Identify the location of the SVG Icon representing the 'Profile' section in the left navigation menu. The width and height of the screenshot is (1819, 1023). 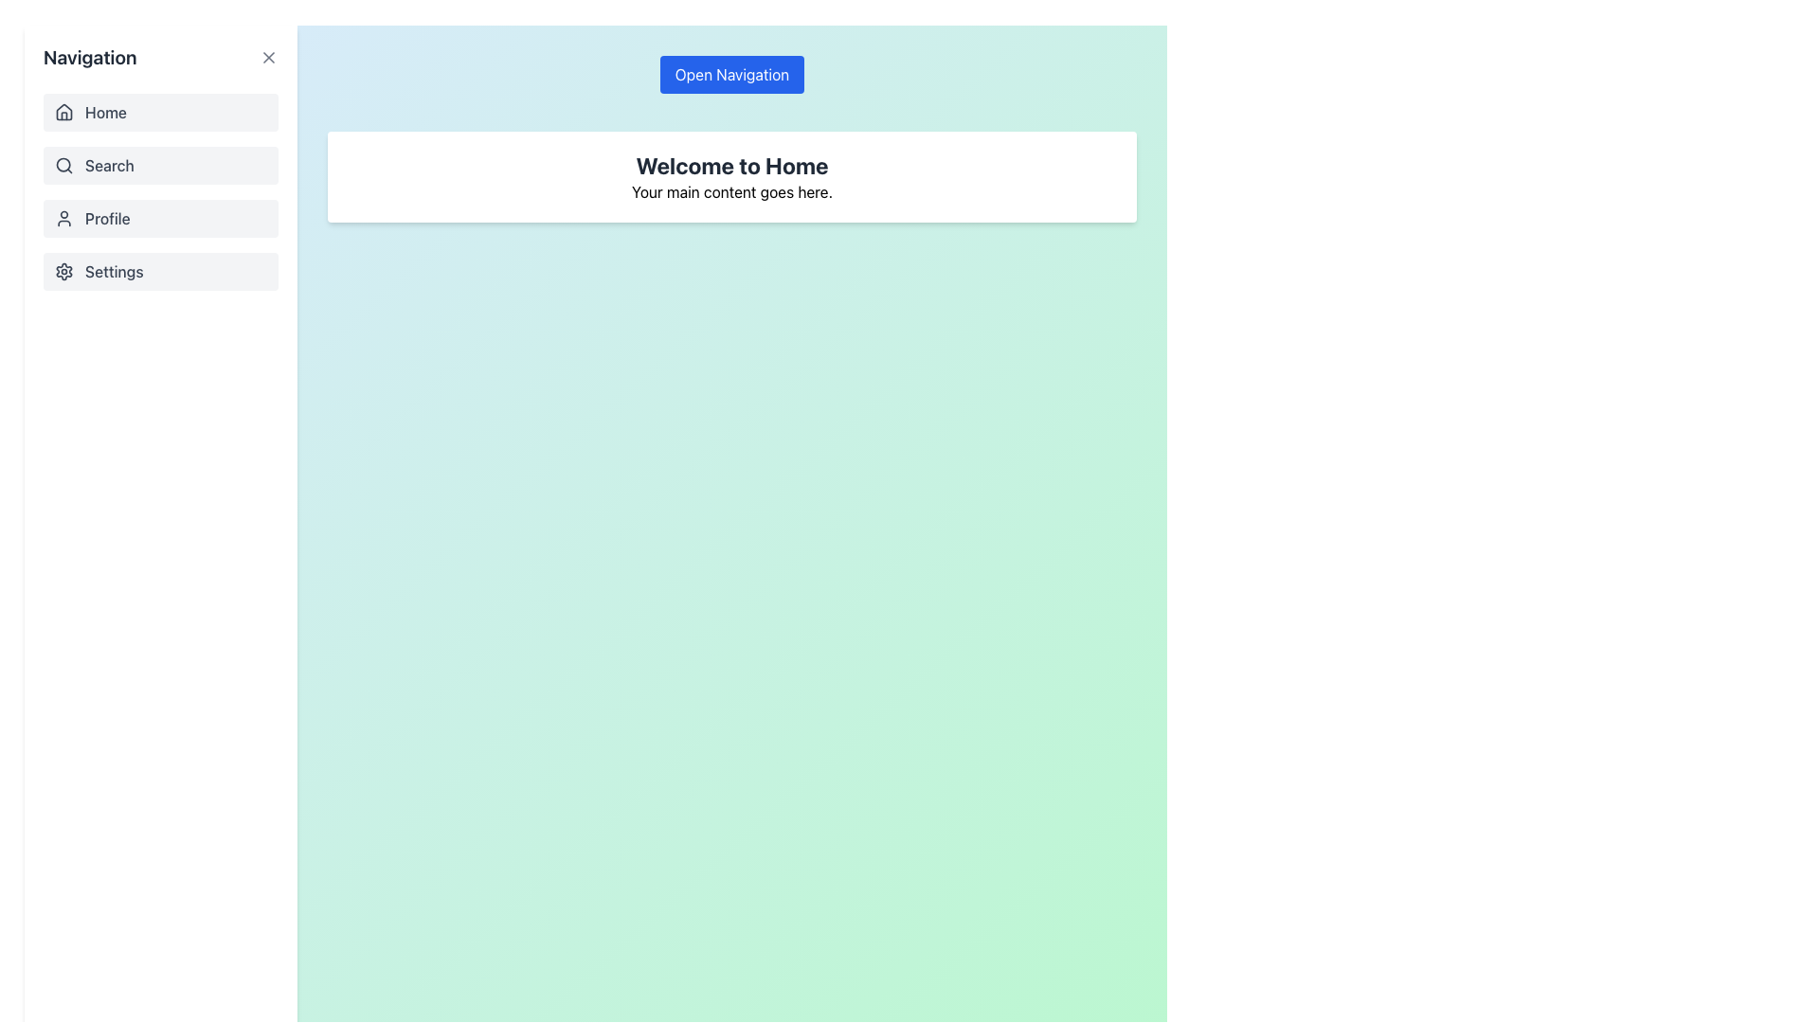
(63, 218).